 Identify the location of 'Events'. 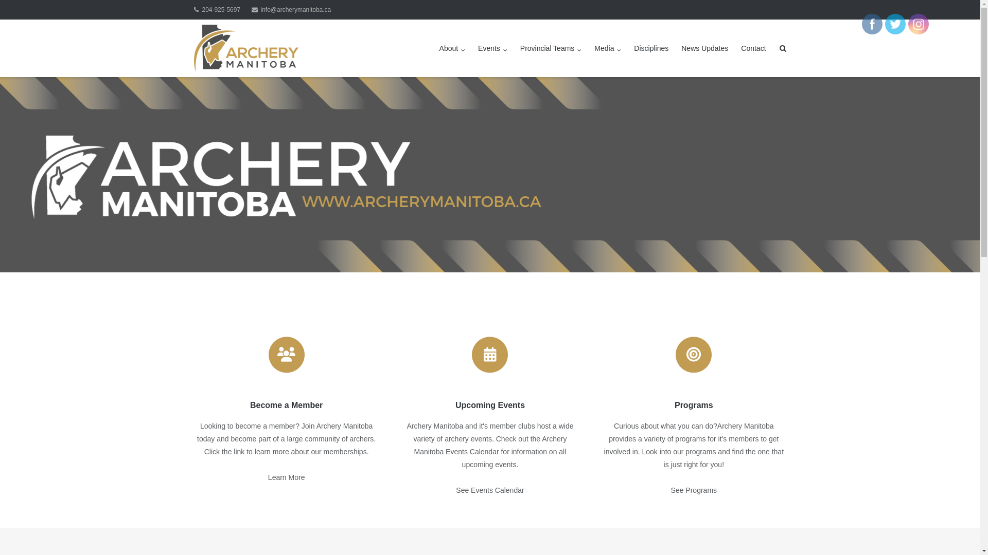
(478, 48).